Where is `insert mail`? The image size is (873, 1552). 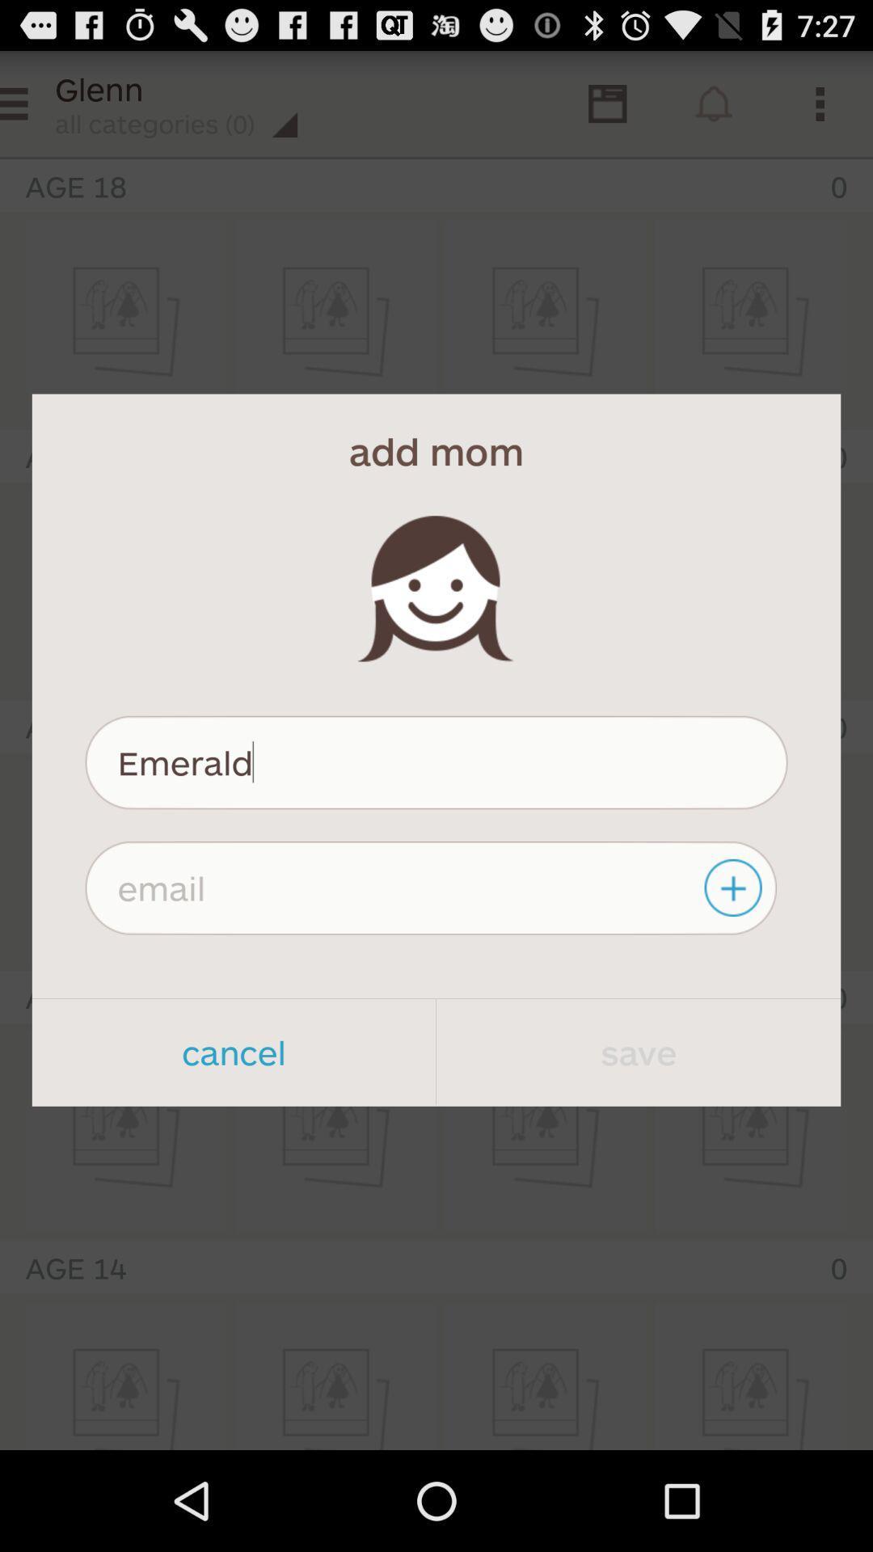 insert mail is located at coordinates (430, 887).